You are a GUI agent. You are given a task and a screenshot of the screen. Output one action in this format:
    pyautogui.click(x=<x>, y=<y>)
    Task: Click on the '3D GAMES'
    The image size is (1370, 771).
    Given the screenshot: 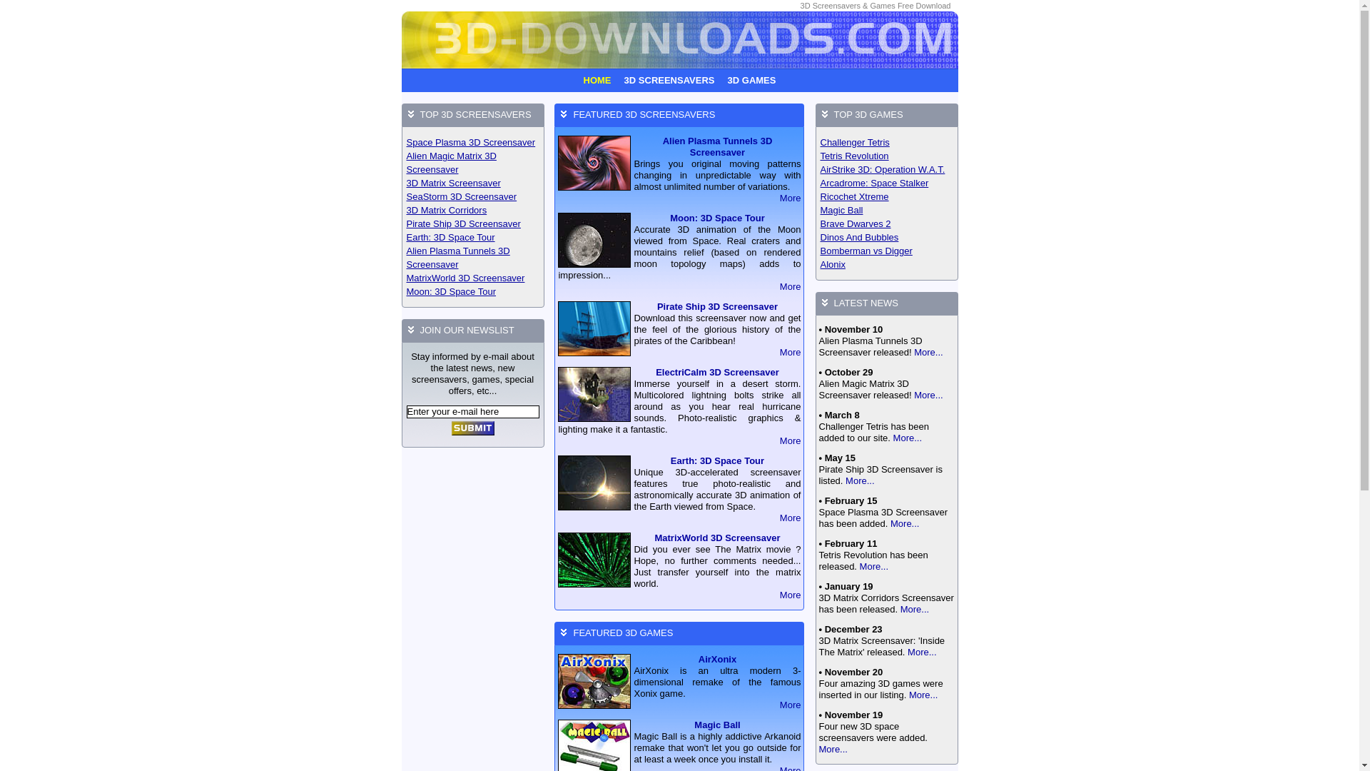 What is the action you would take?
    pyautogui.click(x=751, y=80)
    